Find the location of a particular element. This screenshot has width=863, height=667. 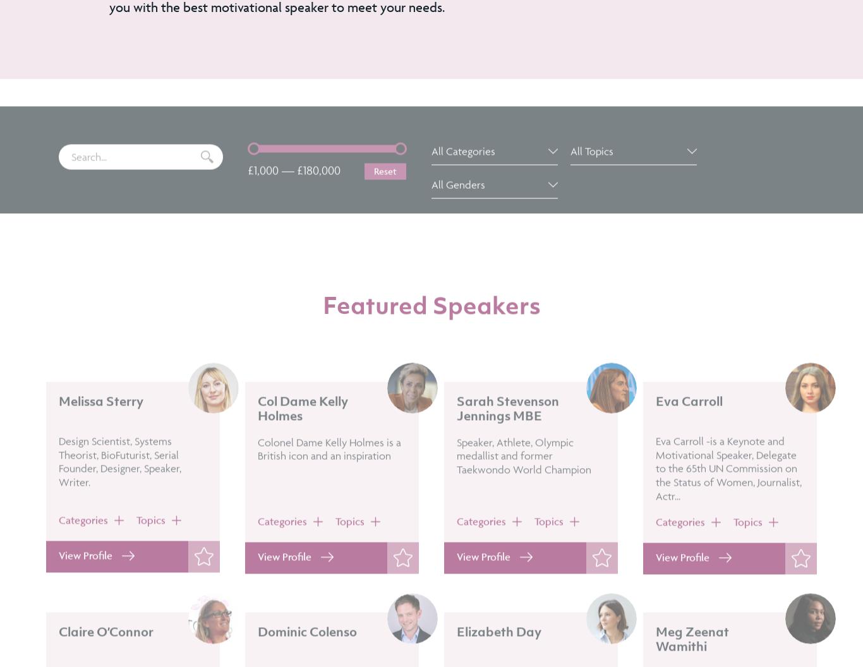

'Speakers' is located at coordinates (486, 340).